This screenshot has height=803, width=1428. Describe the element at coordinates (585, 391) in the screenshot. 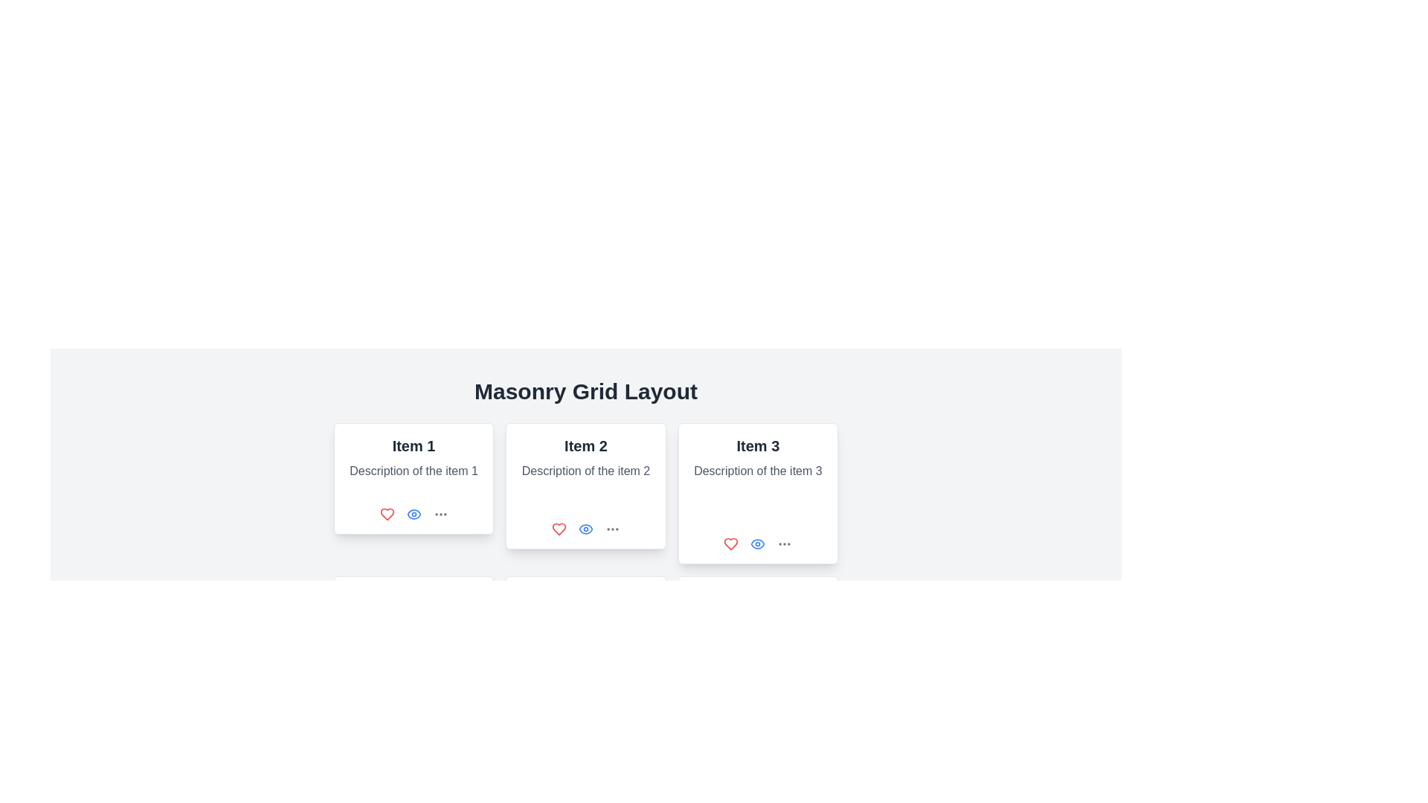

I see `the centrally aligned Text label that serves as a title for the grid layout below` at that location.